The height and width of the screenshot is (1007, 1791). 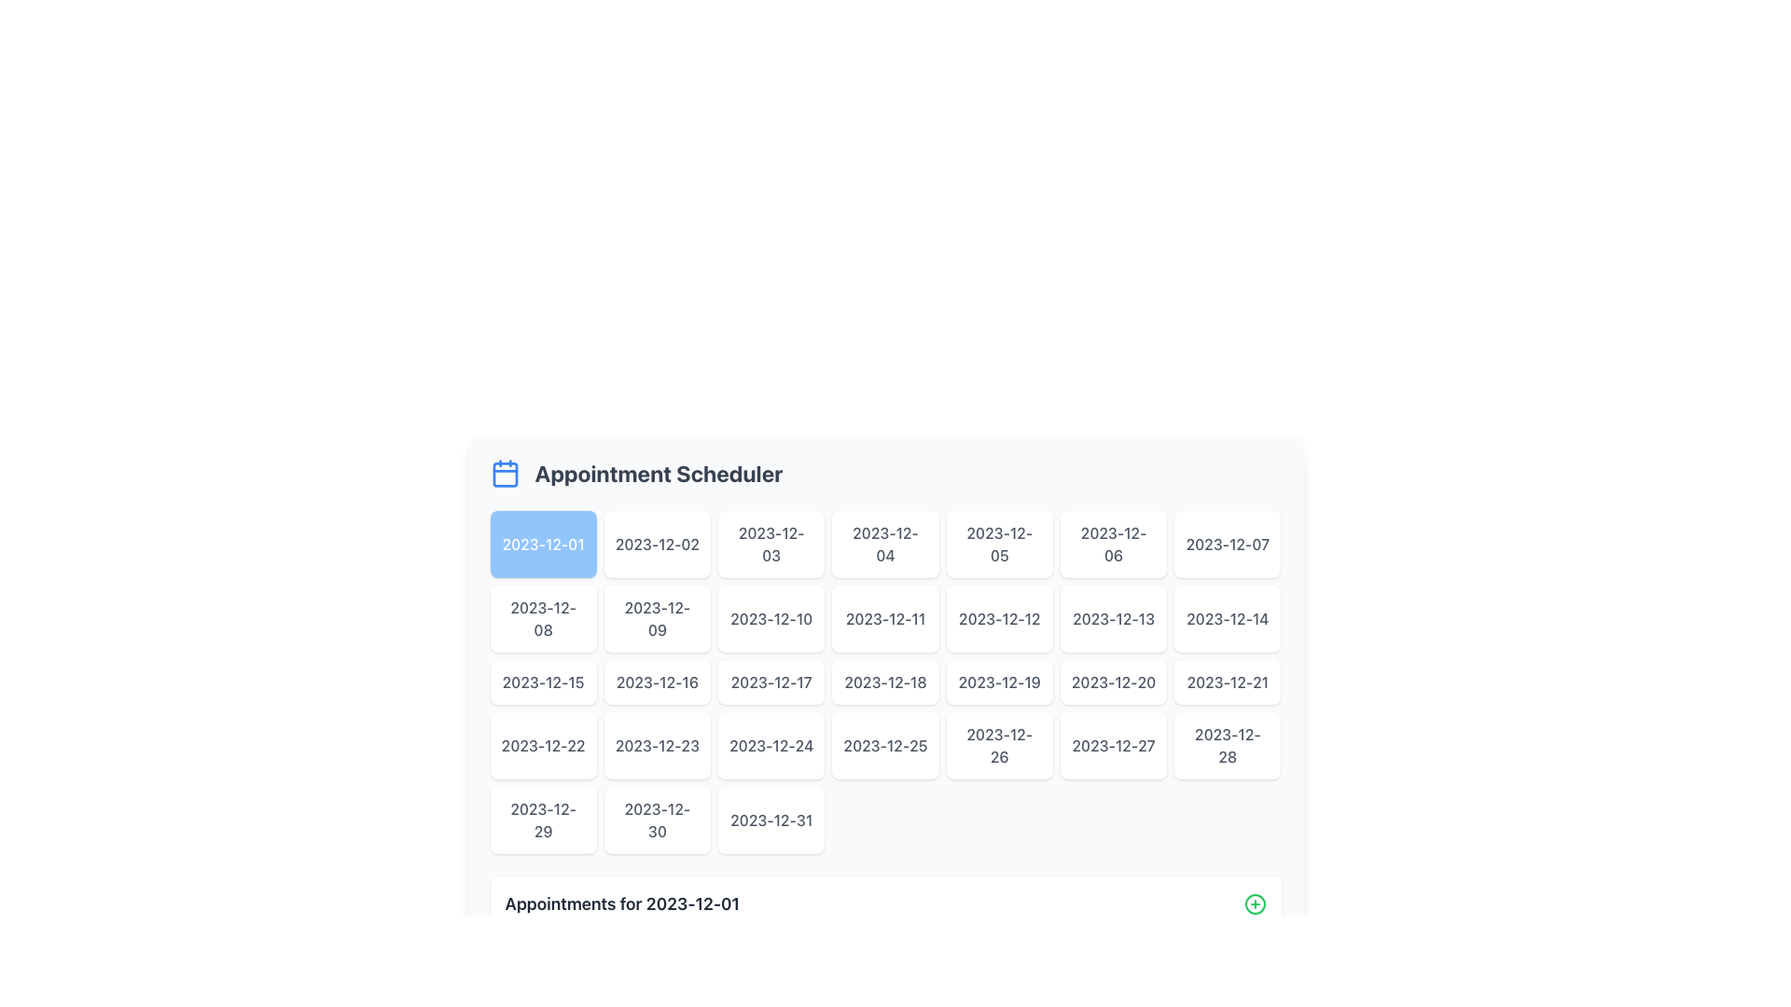 I want to click on the rectangular button with rounded corners styled with a white background and gray text displaying the date '2023-12-31' located in the last row and last column of the grid under the 'Appointment Scheduler' header, so click(x=771, y=819).